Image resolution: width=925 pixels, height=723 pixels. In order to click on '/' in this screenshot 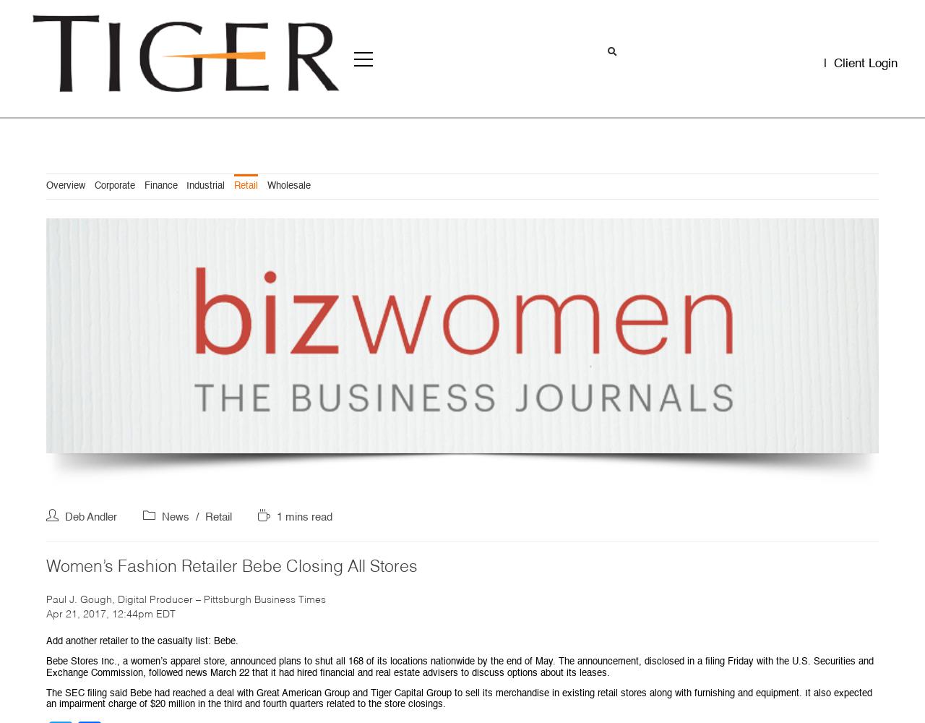, I will do `click(197, 517)`.